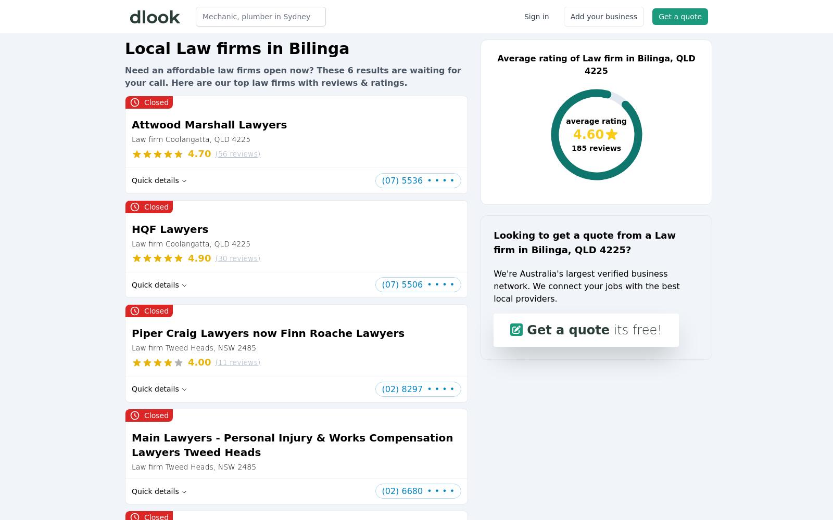 The height and width of the screenshot is (520, 833). I want to click on 'We're Australia's largest verified business network. We connect your jobs with the best local providers.', so click(586, 286).